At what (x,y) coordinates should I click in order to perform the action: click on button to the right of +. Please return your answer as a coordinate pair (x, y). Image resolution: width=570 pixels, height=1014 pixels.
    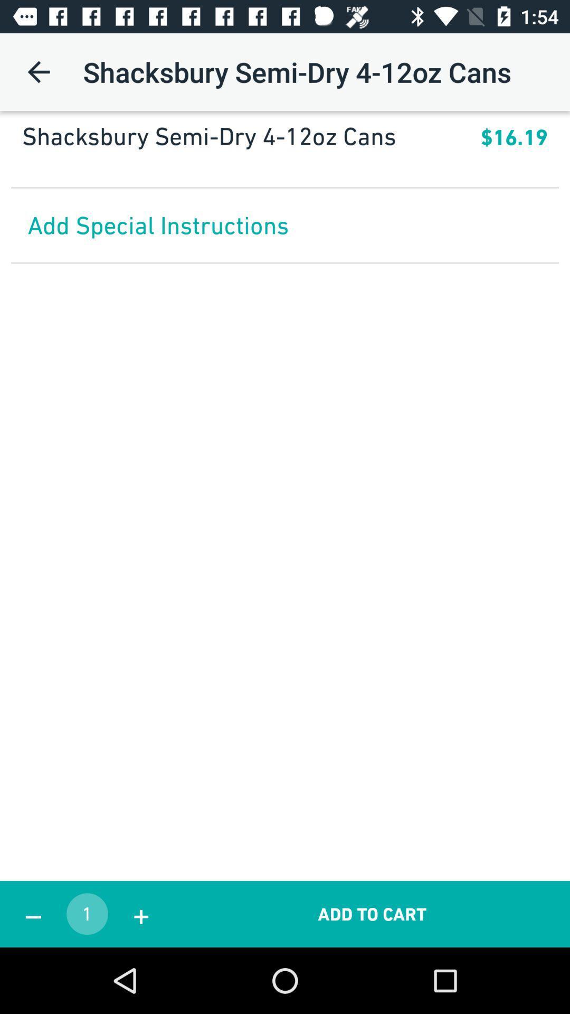
    Looking at the image, I should click on (372, 914).